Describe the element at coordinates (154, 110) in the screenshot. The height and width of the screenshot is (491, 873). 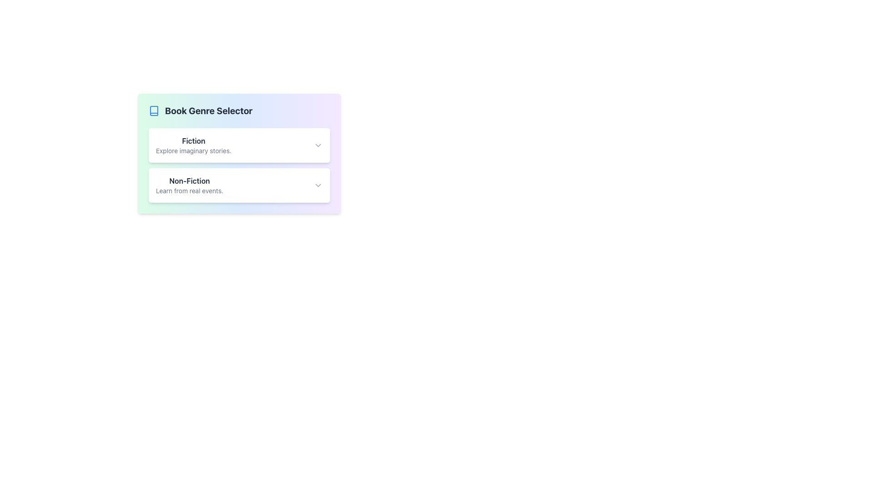
I see `the blue outlined book icon representing the 'Book Genre Selector', which is the first component in the group located at the top-left corner of the section` at that location.